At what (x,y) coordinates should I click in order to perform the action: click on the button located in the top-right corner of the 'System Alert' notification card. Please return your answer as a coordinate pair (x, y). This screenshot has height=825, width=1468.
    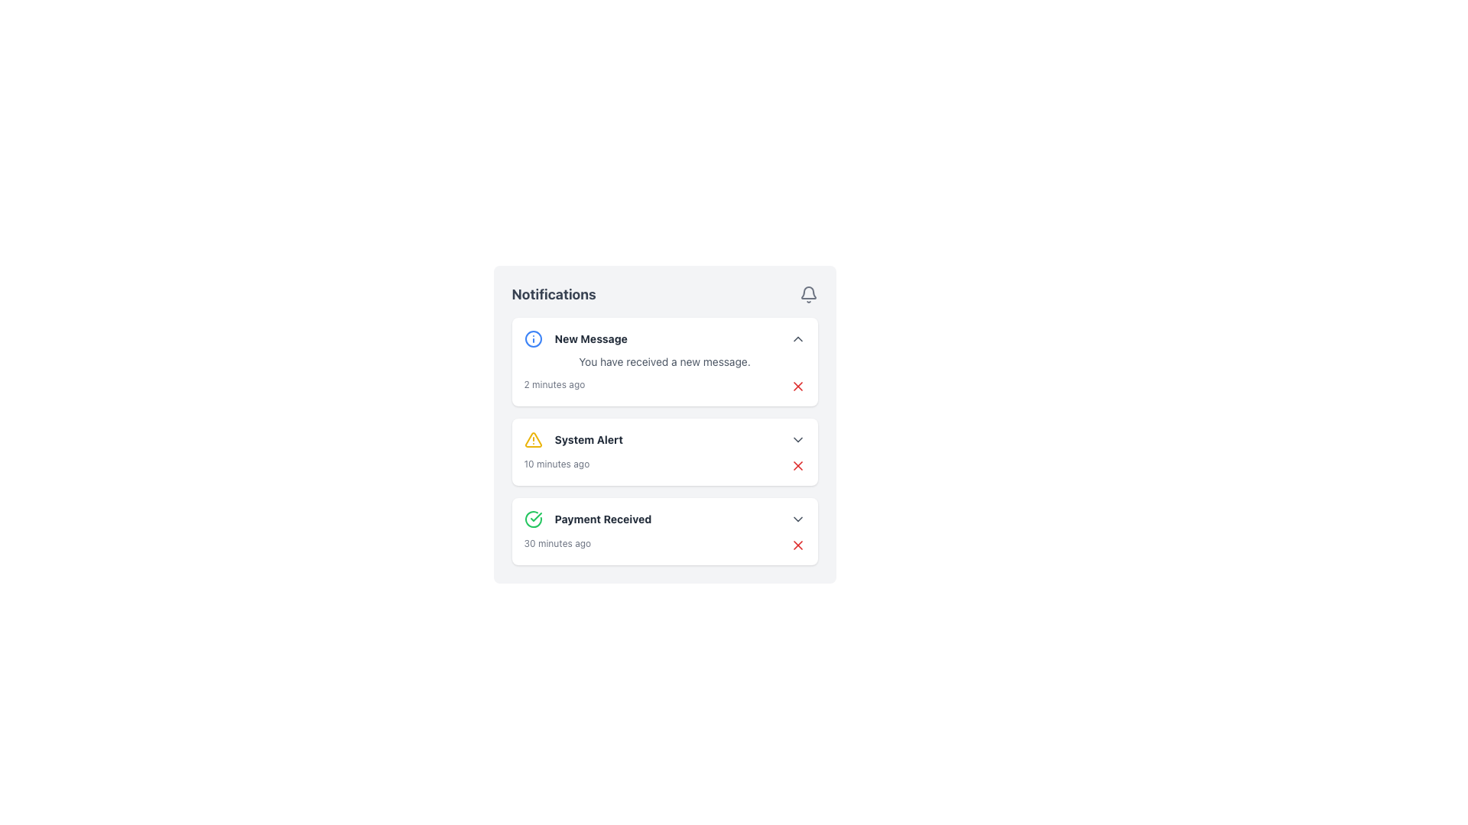
    Looking at the image, I should click on (797, 464).